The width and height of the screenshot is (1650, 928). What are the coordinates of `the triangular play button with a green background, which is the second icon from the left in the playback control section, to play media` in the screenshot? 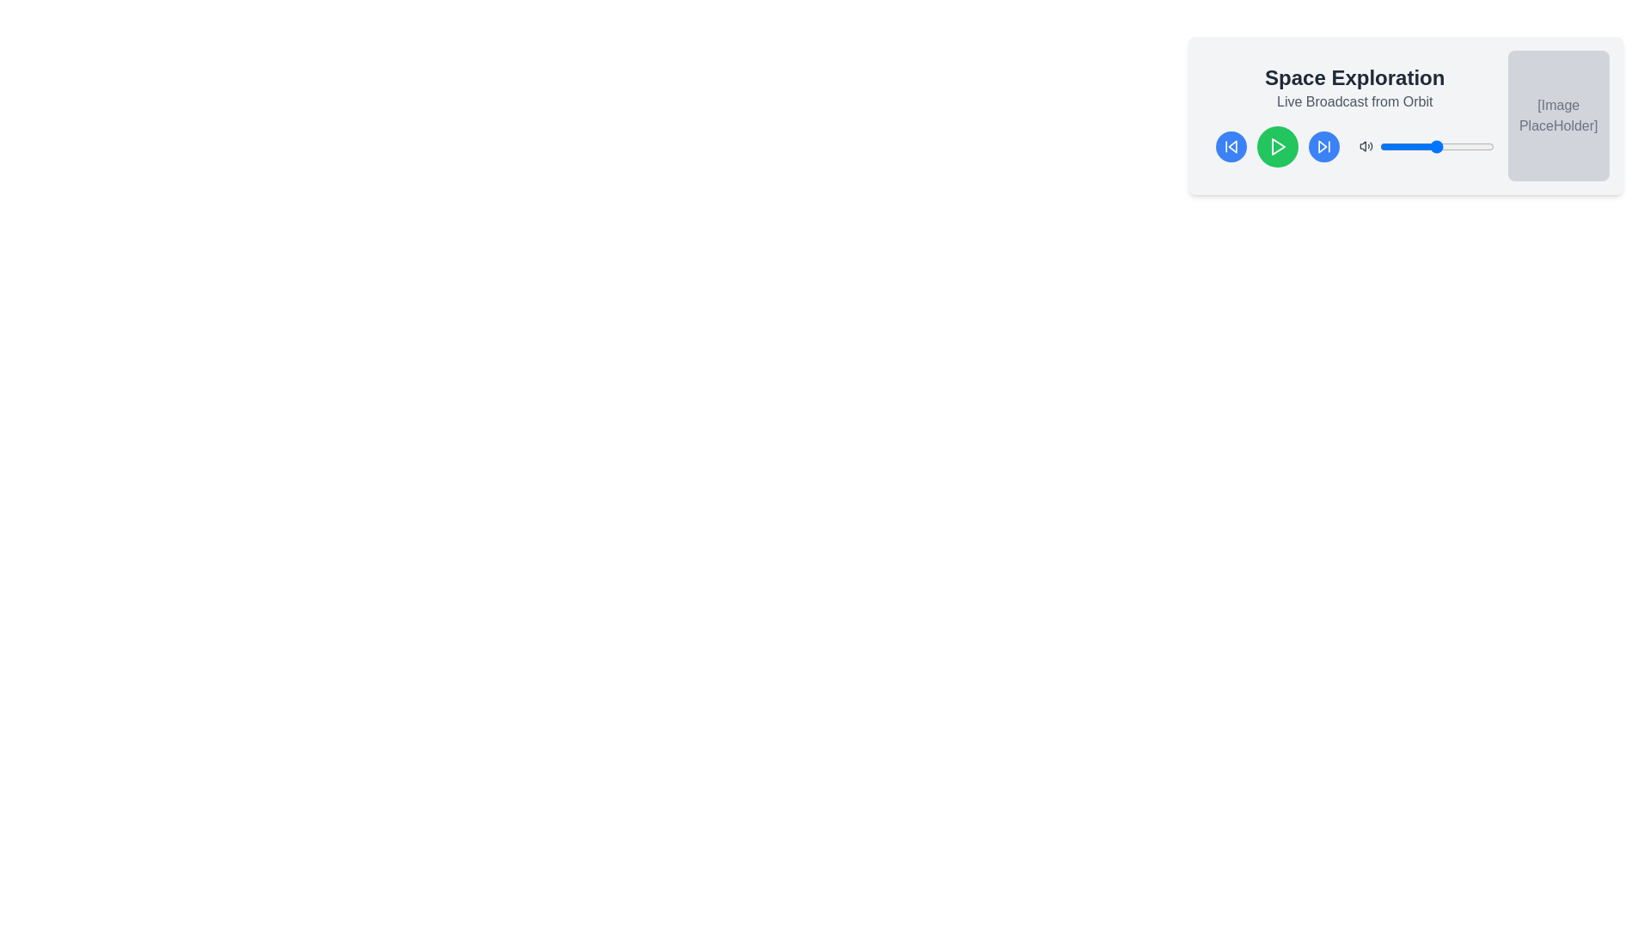 It's located at (1279, 145).